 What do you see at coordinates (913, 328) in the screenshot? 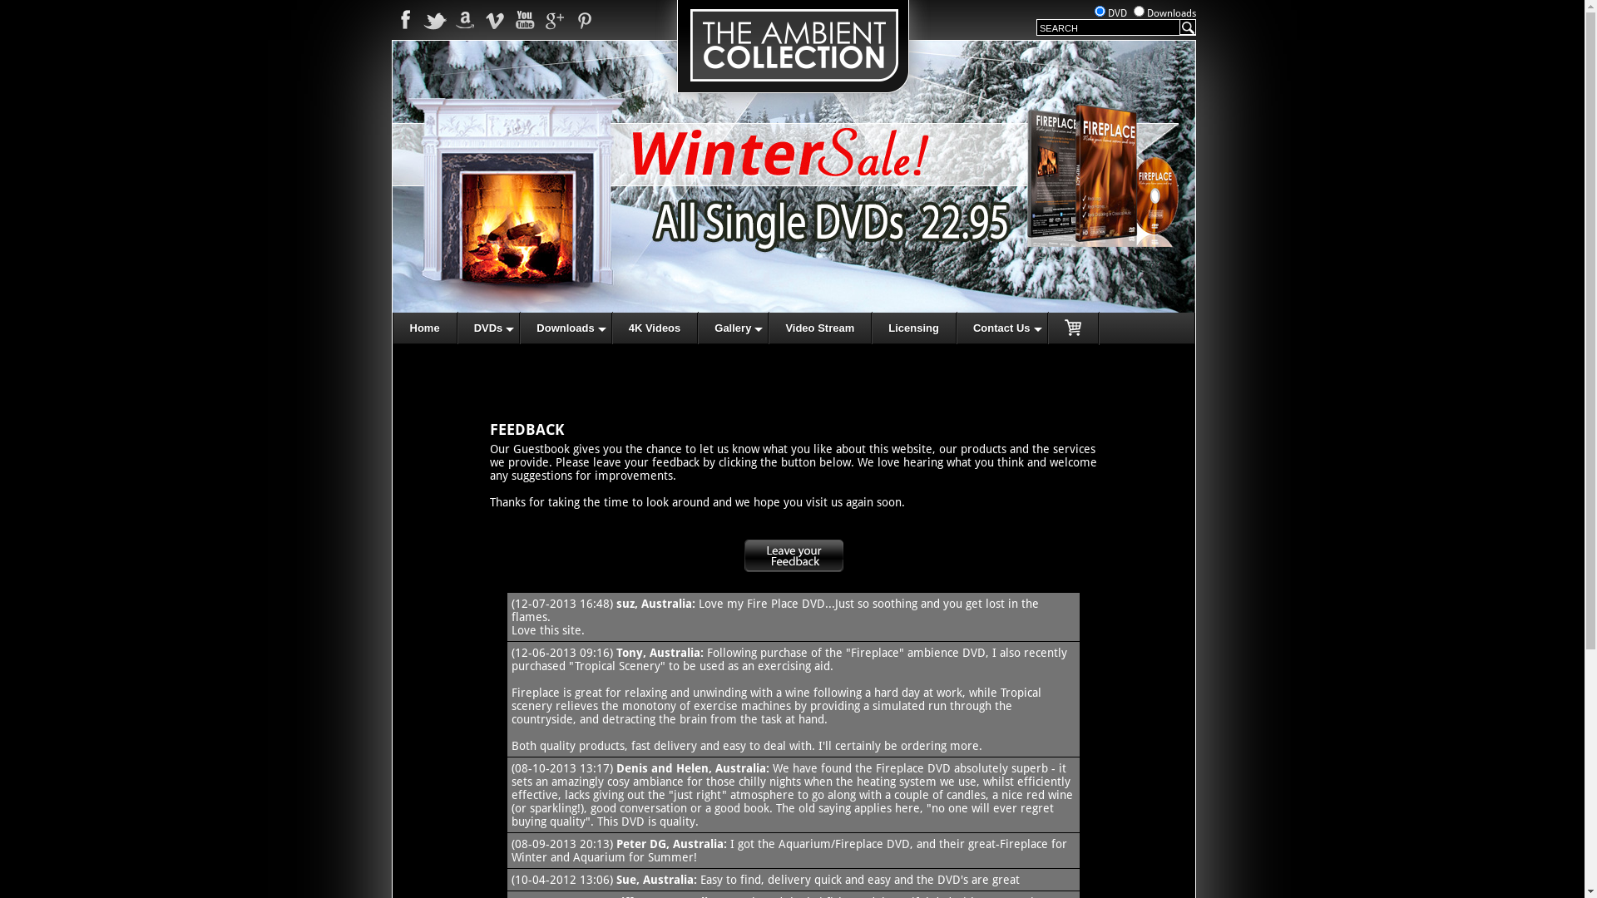
I see `'Licensing'` at bounding box center [913, 328].